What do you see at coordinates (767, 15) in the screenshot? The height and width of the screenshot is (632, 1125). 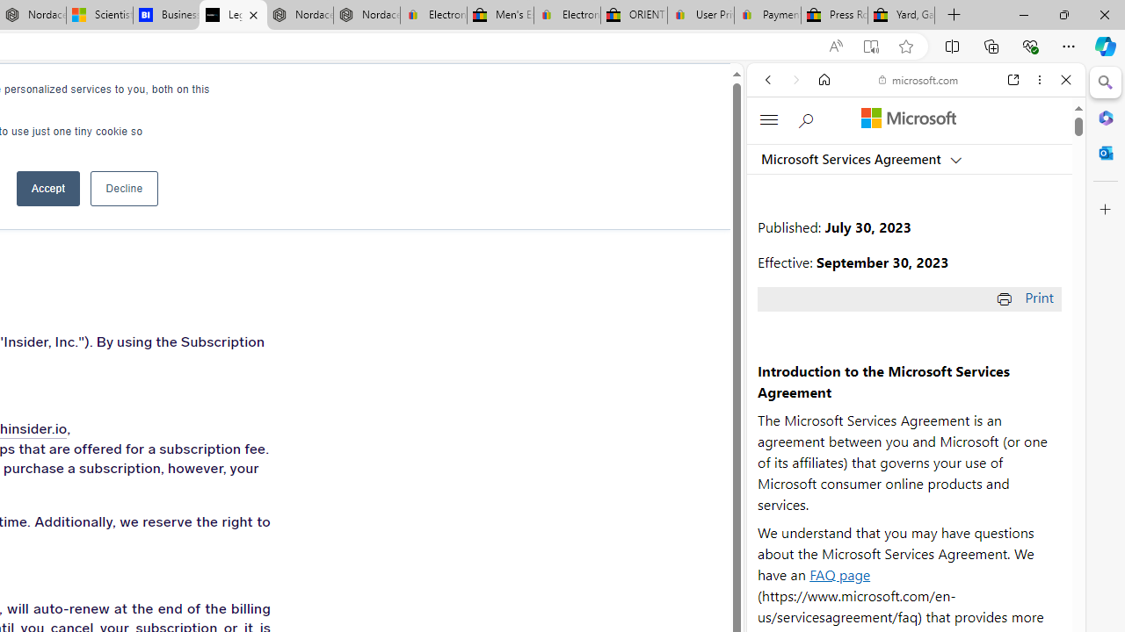 I see `'Payments Terms of Use | eBay.com'` at bounding box center [767, 15].